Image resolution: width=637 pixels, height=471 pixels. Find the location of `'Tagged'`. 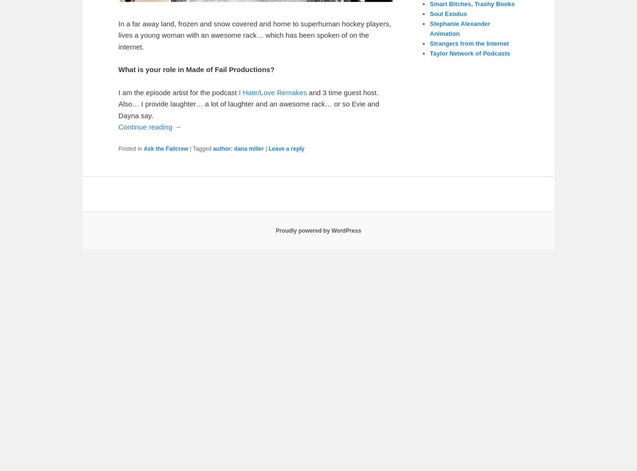

'Tagged' is located at coordinates (201, 148).